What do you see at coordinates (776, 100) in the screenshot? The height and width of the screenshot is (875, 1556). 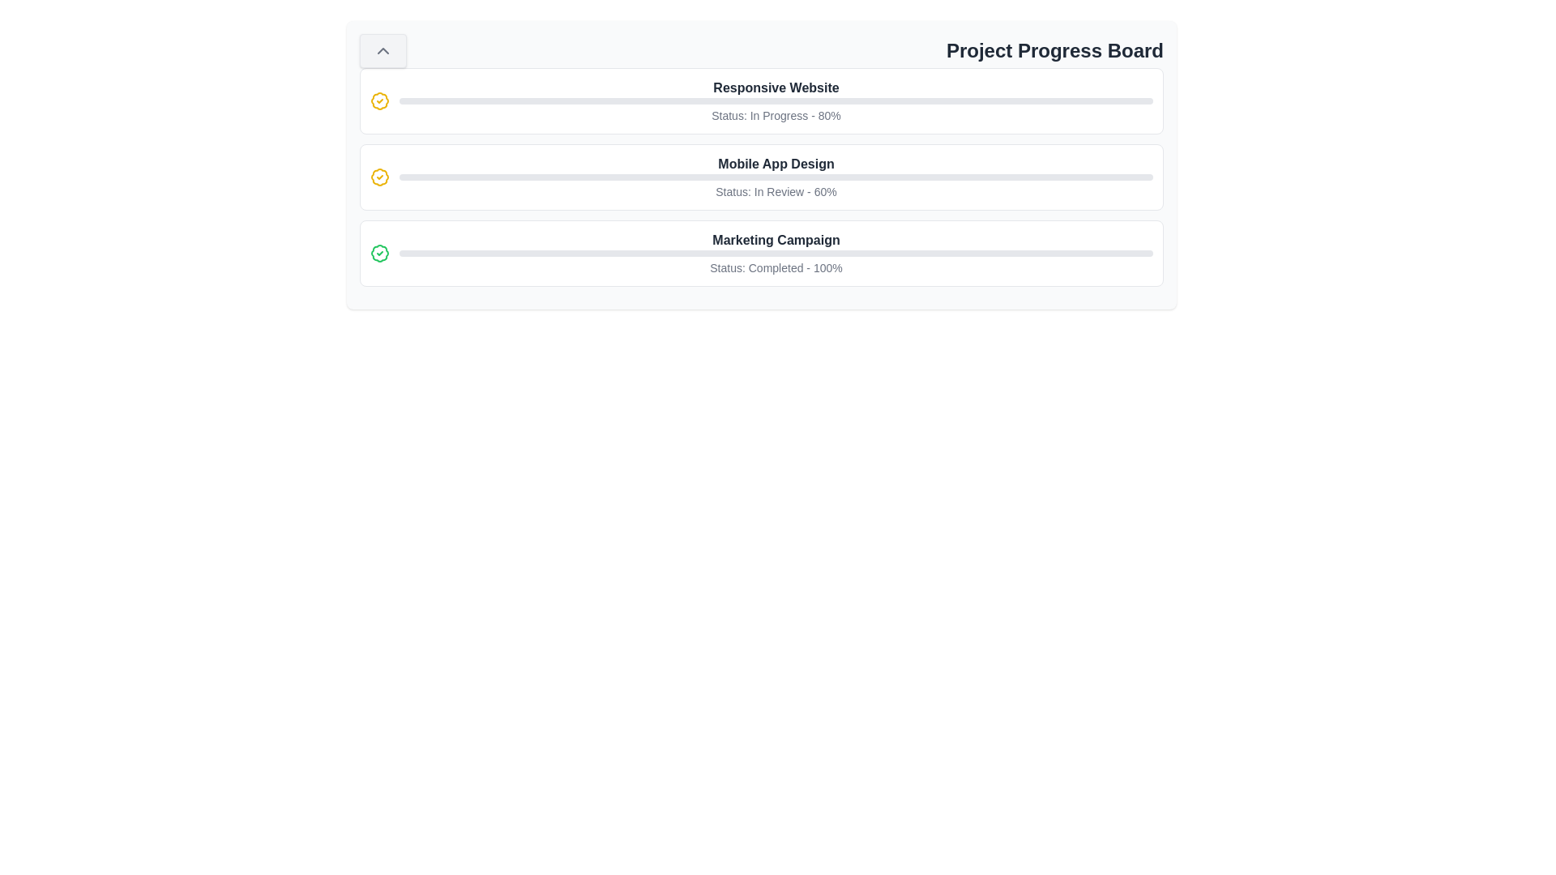 I see `the horizontal progress bar located below the text 'Responsive Website' and above the status text 'Status: In Progress - 80%', which has a gray background and a blue filled portion` at bounding box center [776, 100].